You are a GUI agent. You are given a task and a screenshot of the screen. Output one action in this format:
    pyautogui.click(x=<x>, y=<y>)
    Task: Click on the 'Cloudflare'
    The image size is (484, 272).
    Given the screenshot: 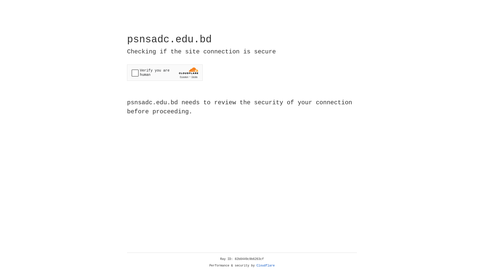 What is the action you would take?
    pyautogui.click(x=265, y=265)
    